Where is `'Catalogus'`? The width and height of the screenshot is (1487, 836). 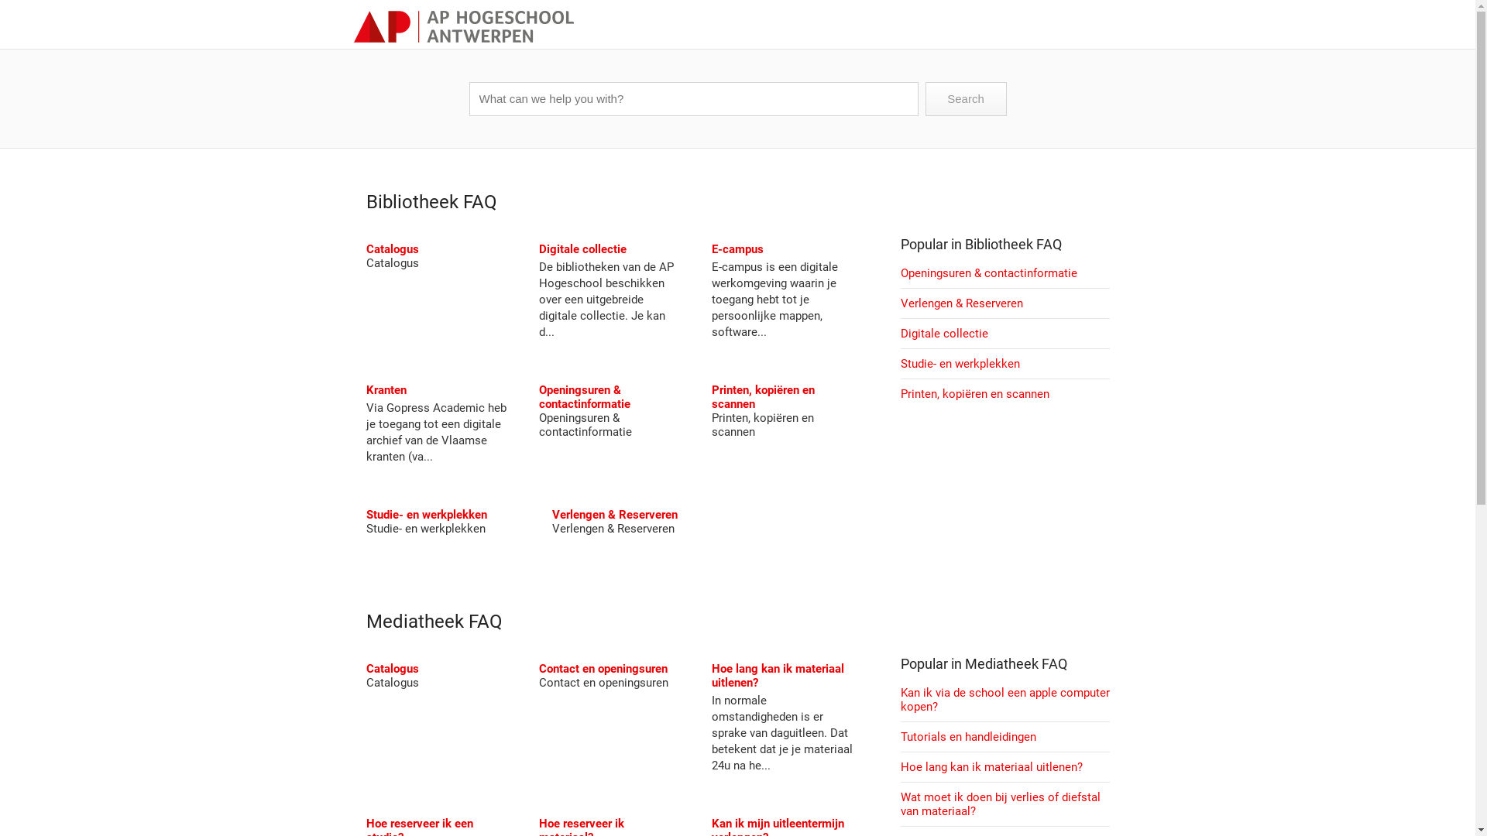
'Catalogus' is located at coordinates (391, 248).